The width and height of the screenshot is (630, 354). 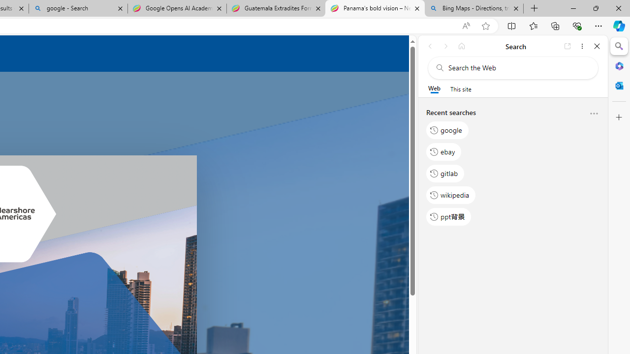 I want to click on 'Forward', so click(x=445, y=46).